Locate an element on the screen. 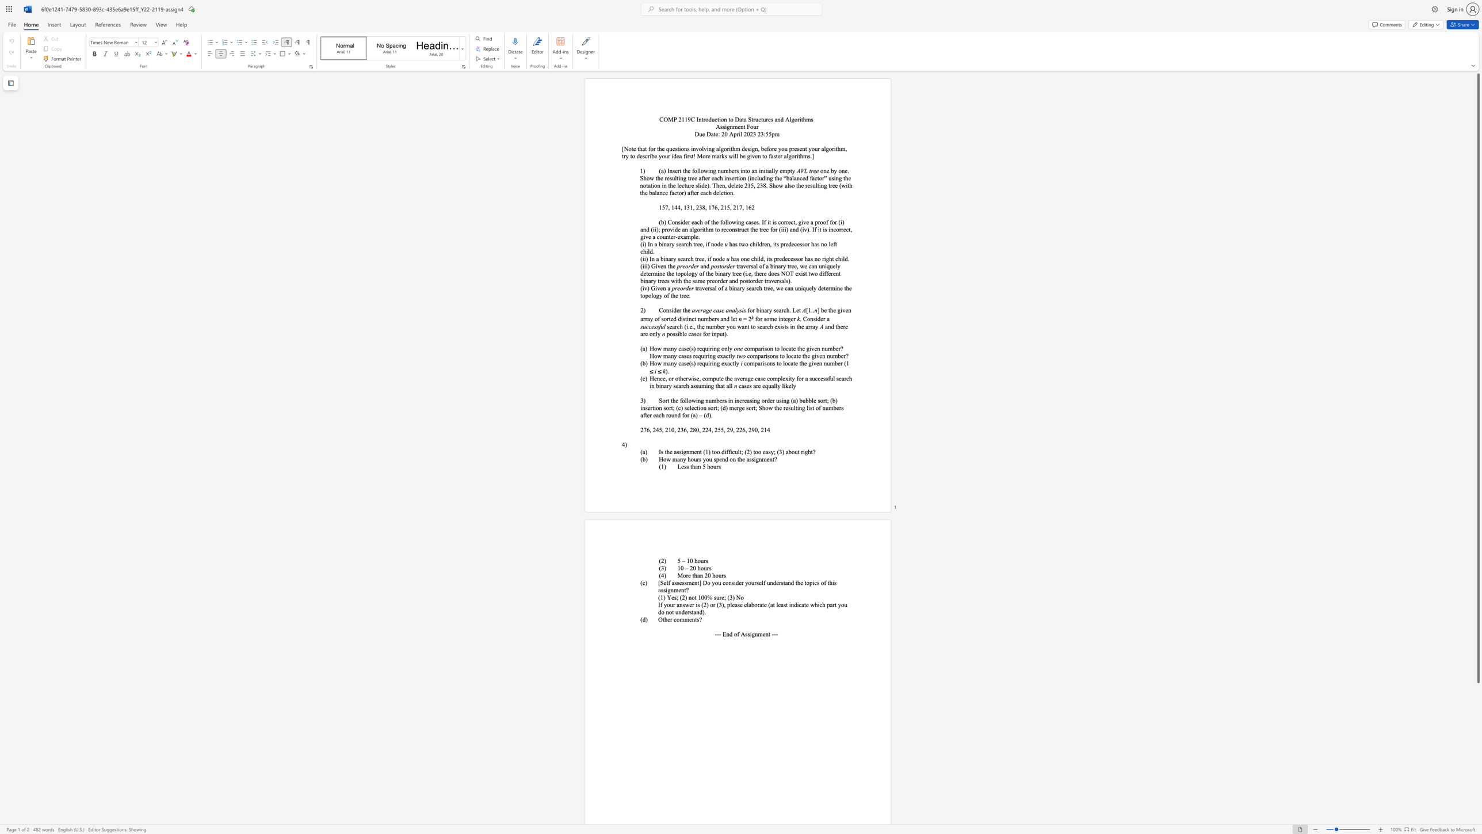 This screenshot has width=1482, height=834. the subset text "search (i.e., the n" within the text "search (i.e., the number you want to search exists in the array" is located at coordinates (667, 326).